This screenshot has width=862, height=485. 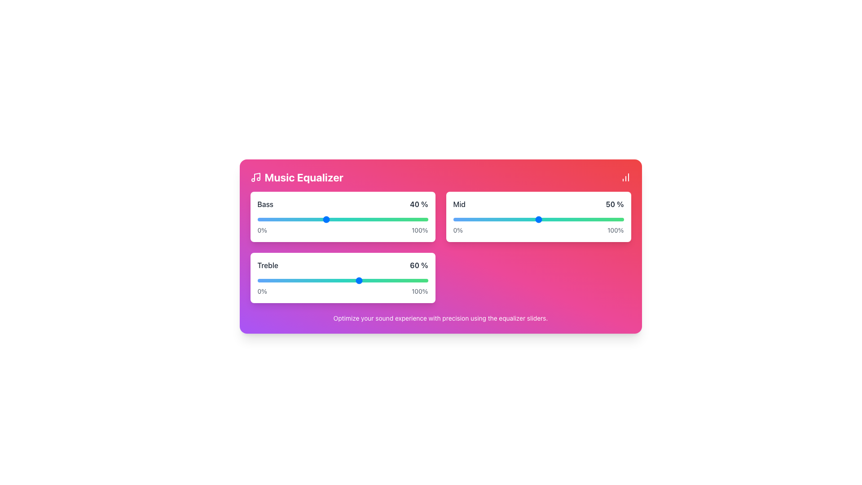 I want to click on the bass equalizer, so click(x=344, y=220).